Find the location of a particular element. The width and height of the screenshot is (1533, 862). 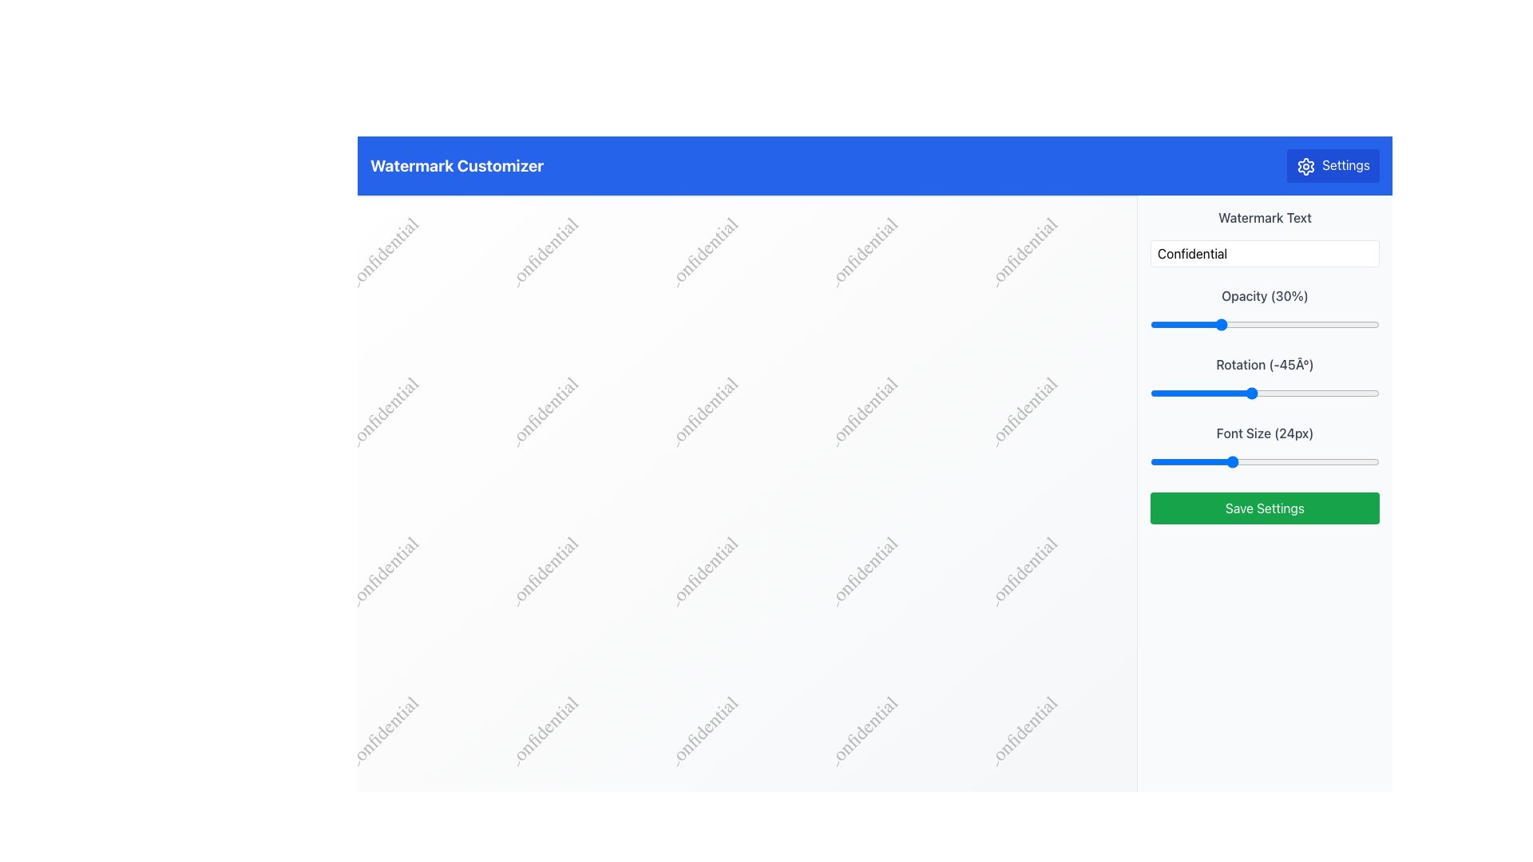

the blue 'Settings' button with a white gear icon is located at coordinates (1333, 165).